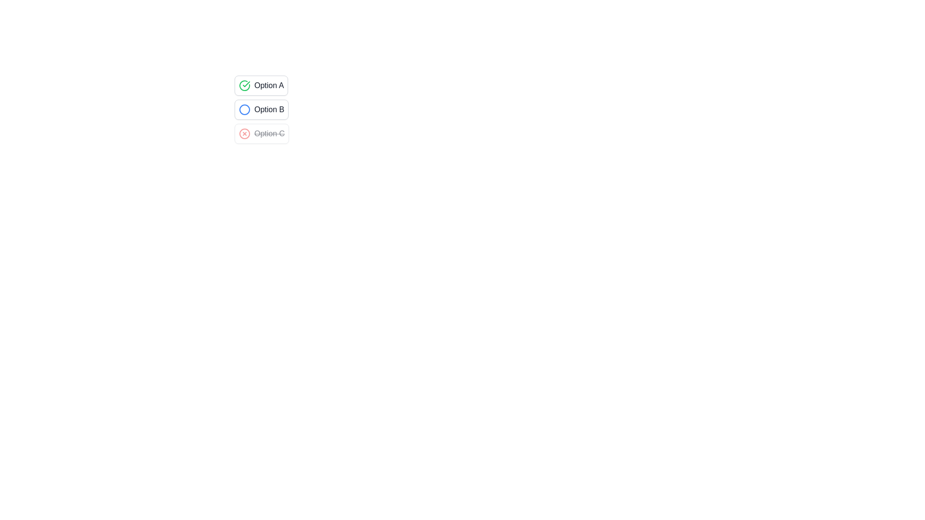 The height and width of the screenshot is (520, 925). Describe the element at coordinates (245, 109) in the screenshot. I see `the Circle indicator for 'Option B' in the SVG component, which is a hollow circle with a blue stroke, indicating the second option in a vertical list of three options` at that location.